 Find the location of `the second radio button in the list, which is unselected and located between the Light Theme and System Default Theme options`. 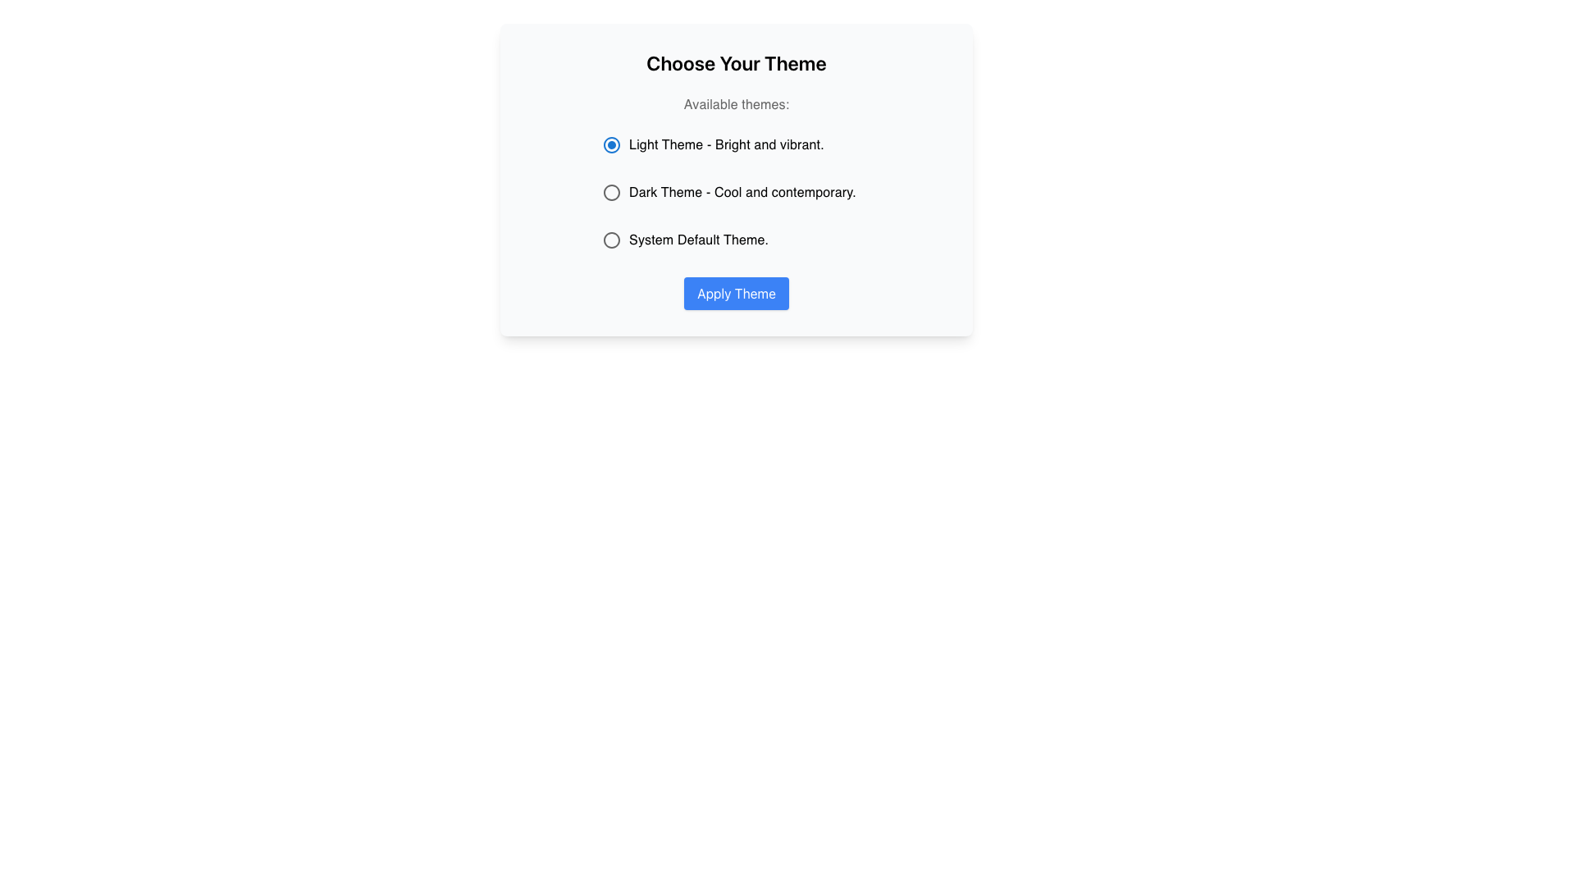

the second radio button in the list, which is unselected and located between the Light Theme and System Default Theme options is located at coordinates (611, 192).